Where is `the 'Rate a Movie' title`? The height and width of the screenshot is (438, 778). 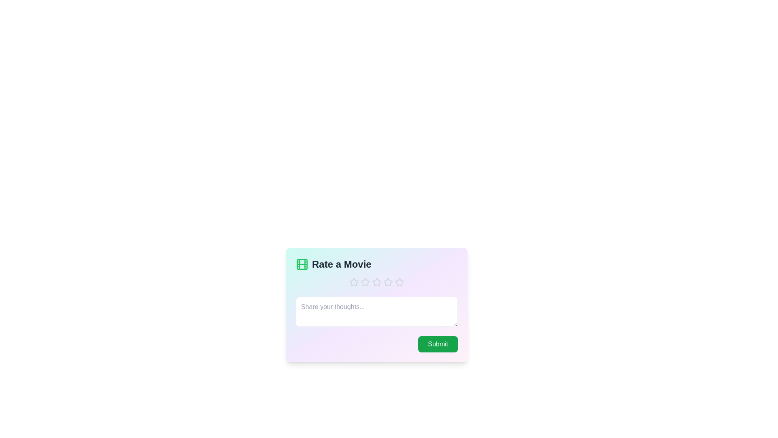
the 'Rate a Movie' title is located at coordinates (342, 264).